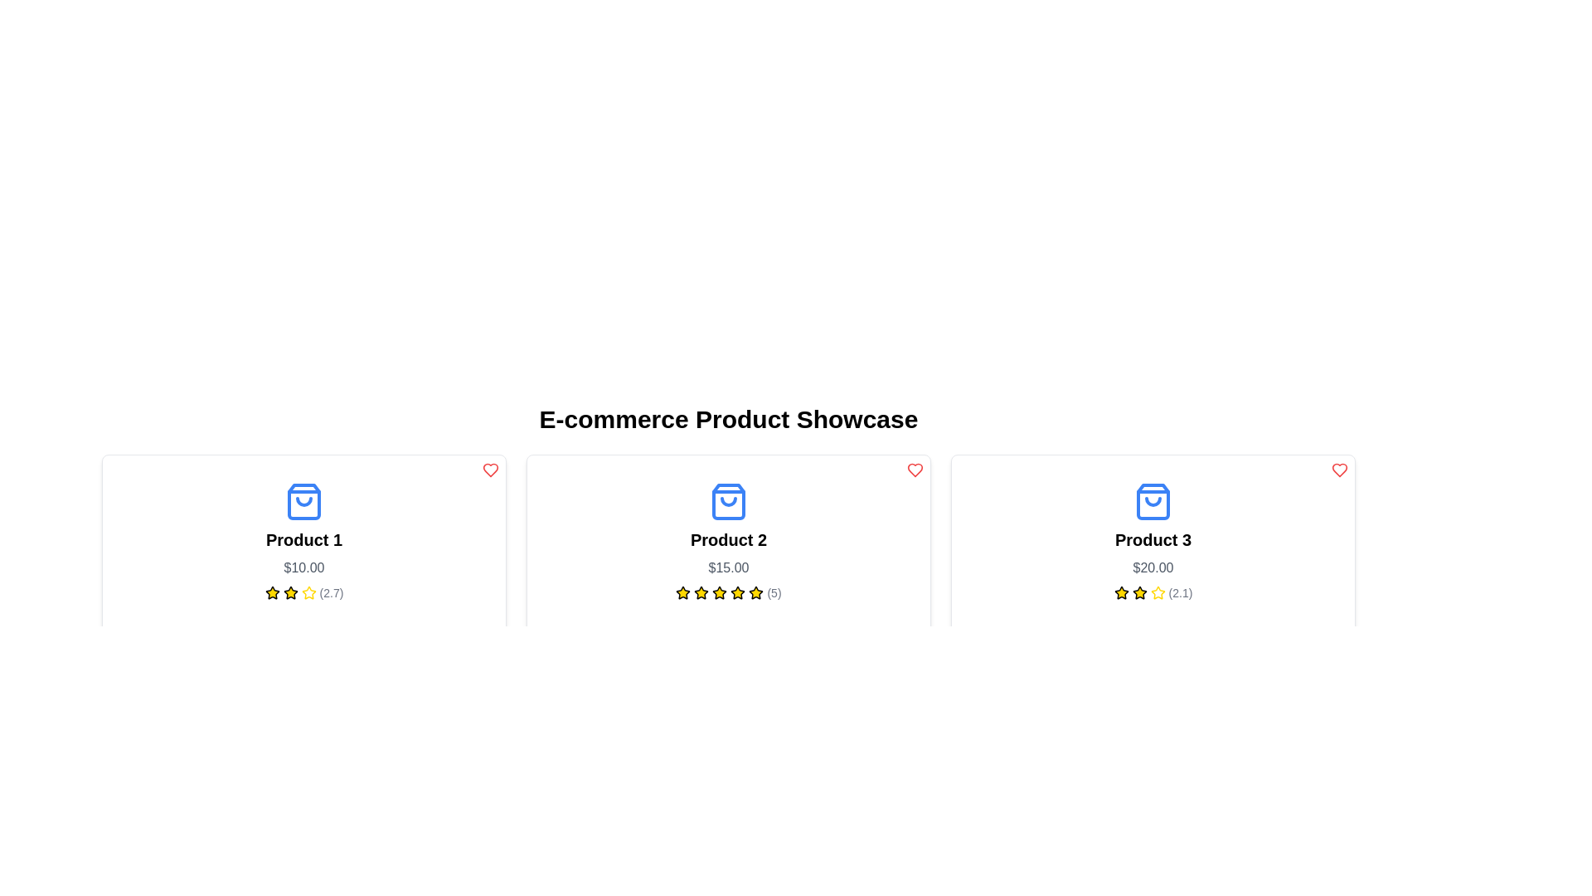 The height and width of the screenshot is (896, 1592). I want to click on the blue shopping bag icon with rounded edges, located above the title 'Product 1' in the card layout, so click(303, 501).